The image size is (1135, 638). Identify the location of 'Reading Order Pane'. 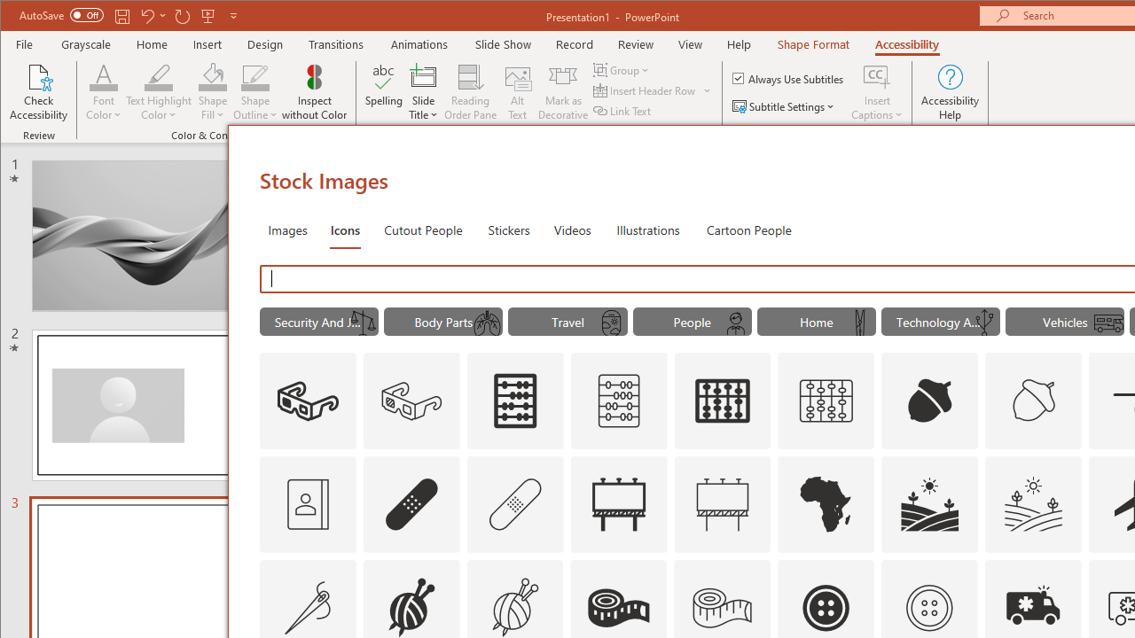
(471, 92).